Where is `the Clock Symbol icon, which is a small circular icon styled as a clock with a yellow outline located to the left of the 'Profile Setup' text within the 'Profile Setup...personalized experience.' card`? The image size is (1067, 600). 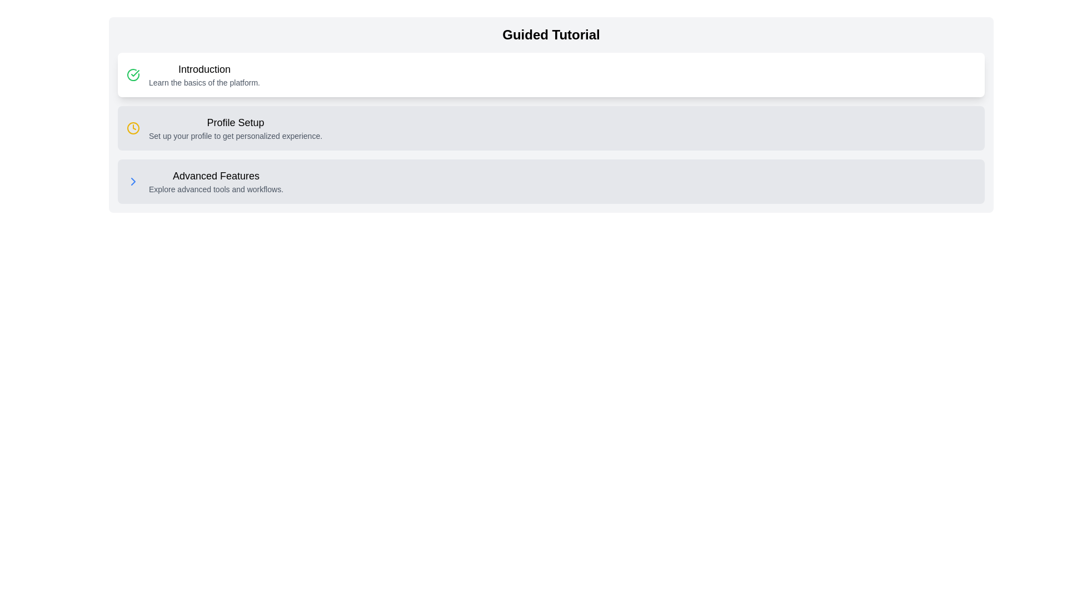
the Clock Symbol icon, which is a small circular icon styled as a clock with a yellow outline located to the left of the 'Profile Setup' text within the 'Profile Setup...personalized experience.' card is located at coordinates (133, 128).